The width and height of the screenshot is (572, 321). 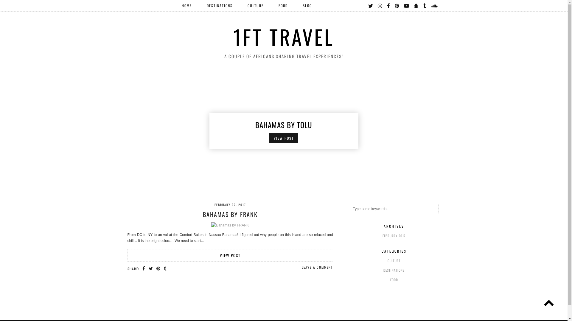 I want to click on 'Bahamas by FRANK', so click(x=230, y=225).